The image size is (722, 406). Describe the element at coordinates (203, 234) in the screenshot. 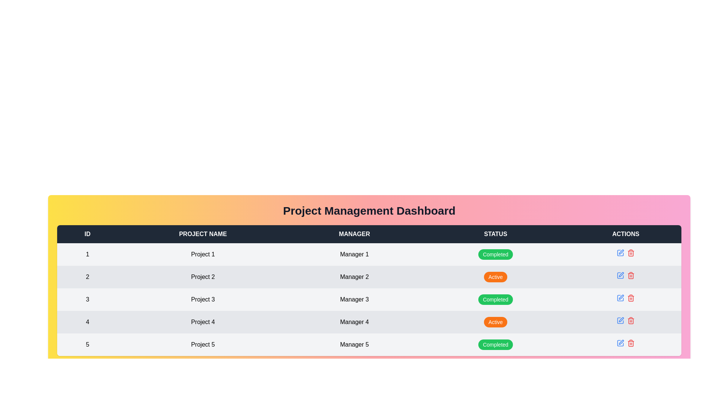

I see `the text label that serves as a header for the project names column, located between the 'ID' header and the 'MANAGER' header in the table` at that location.